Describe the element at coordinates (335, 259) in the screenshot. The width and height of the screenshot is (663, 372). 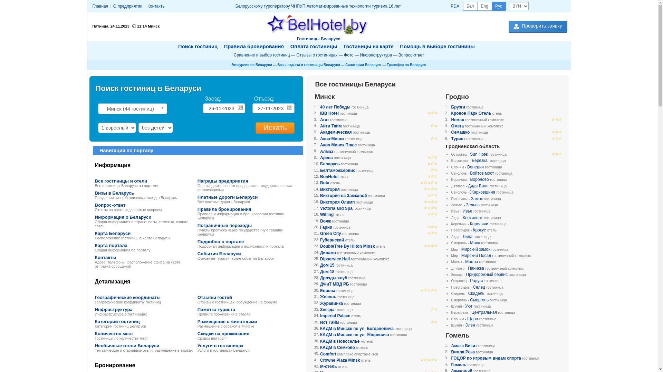
I see `'Dipservice Hall'` at that location.